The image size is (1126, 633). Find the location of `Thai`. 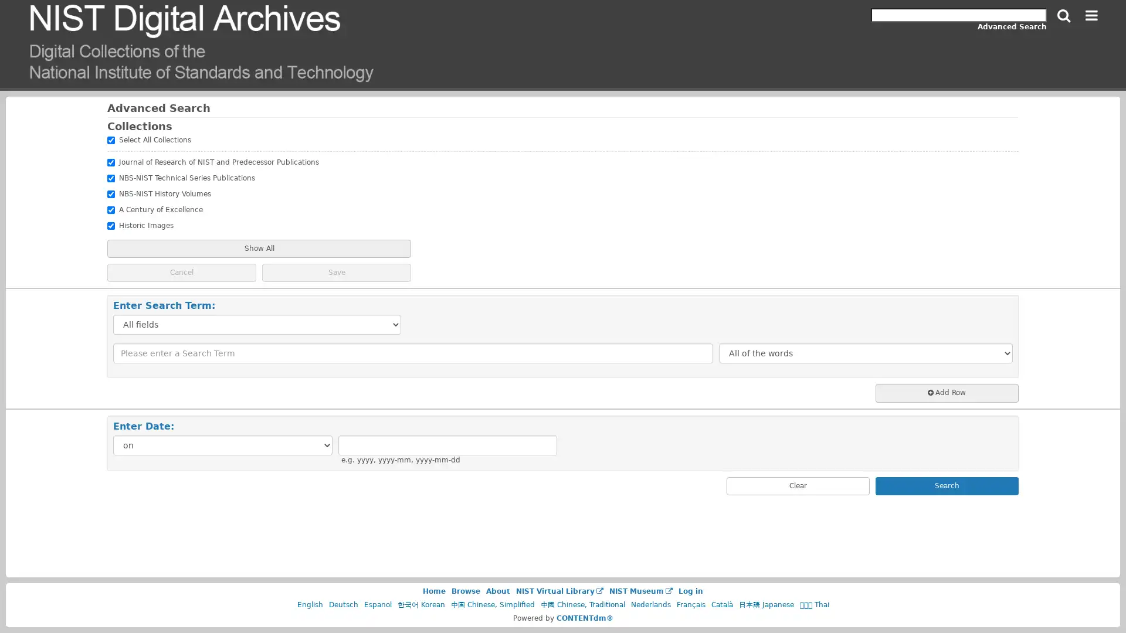

Thai is located at coordinates (813, 605).